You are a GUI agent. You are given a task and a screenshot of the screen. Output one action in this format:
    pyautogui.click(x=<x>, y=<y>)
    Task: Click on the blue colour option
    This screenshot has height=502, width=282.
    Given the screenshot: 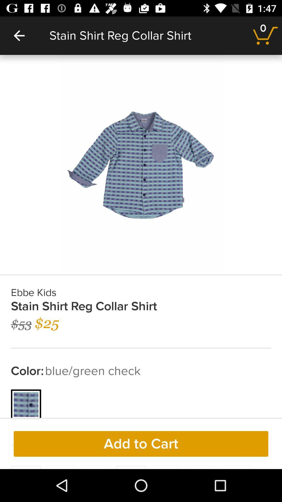 What is the action you would take?
    pyautogui.click(x=26, y=404)
    